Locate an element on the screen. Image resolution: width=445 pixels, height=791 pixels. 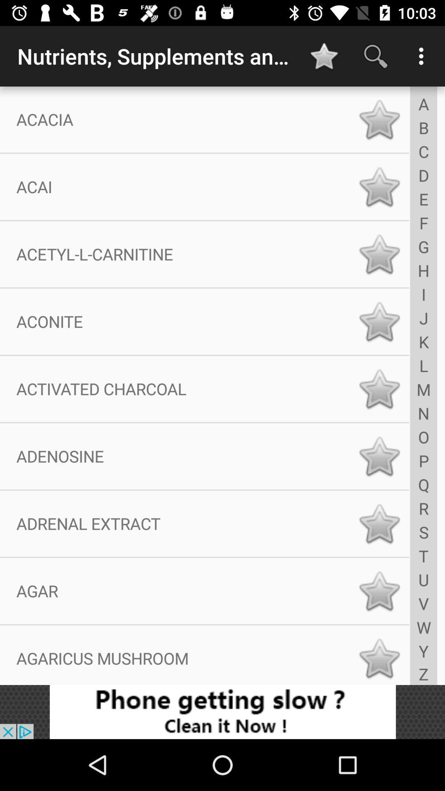
favorite is located at coordinates (379, 456).